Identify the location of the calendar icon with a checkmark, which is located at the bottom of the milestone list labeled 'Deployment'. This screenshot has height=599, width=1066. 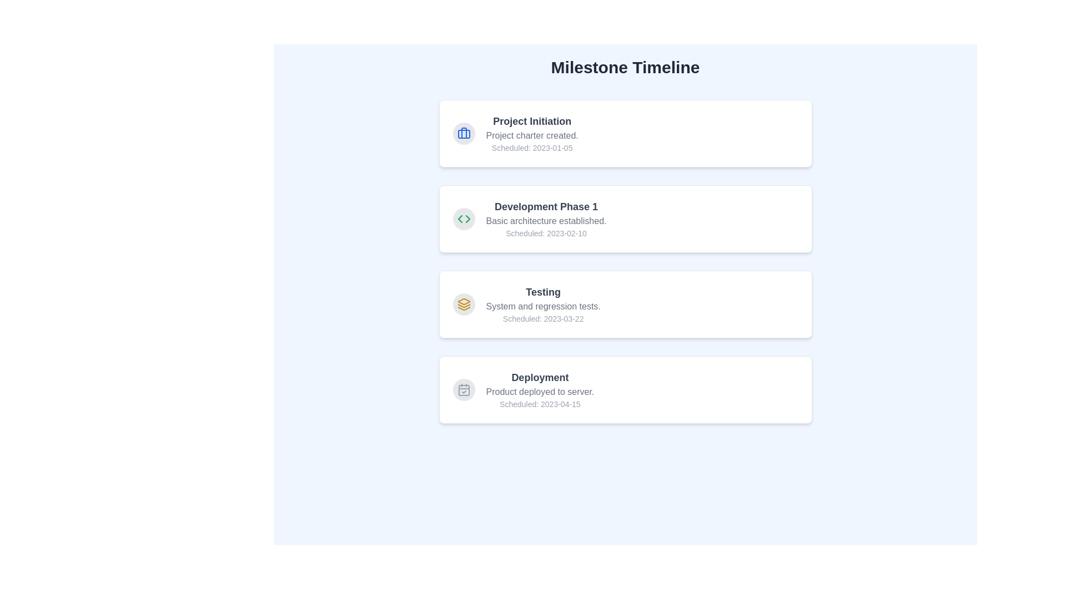
(464, 389).